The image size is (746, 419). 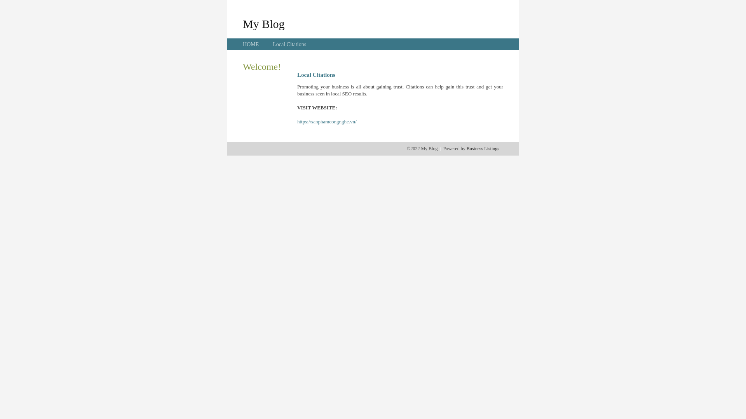 What do you see at coordinates (289, 44) in the screenshot?
I see `'Local Citations'` at bounding box center [289, 44].